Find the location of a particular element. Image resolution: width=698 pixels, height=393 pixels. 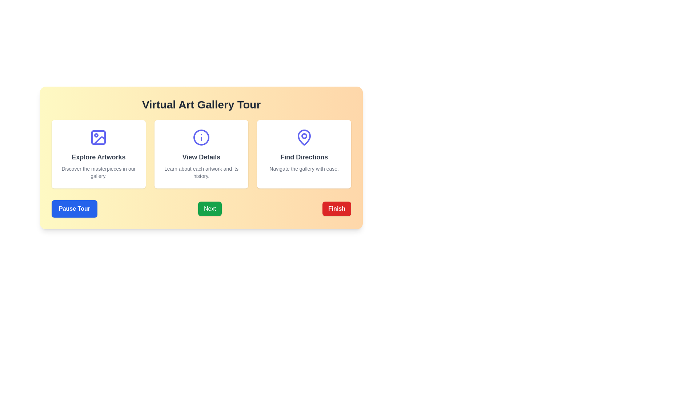

the decorative Graphic Icon for the 'Explore Artworks' feature, located centrally at the top of the leftmost card in a row of three cards is located at coordinates (98, 138).